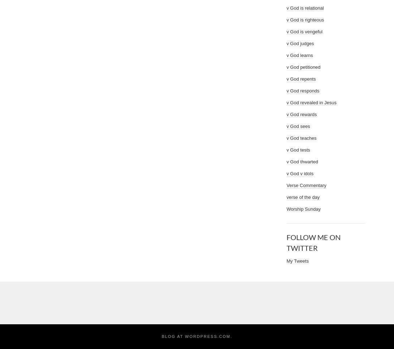 This screenshot has width=394, height=349. Describe the element at coordinates (287, 126) in the screenshot. I see `'v God sees'` at that location.